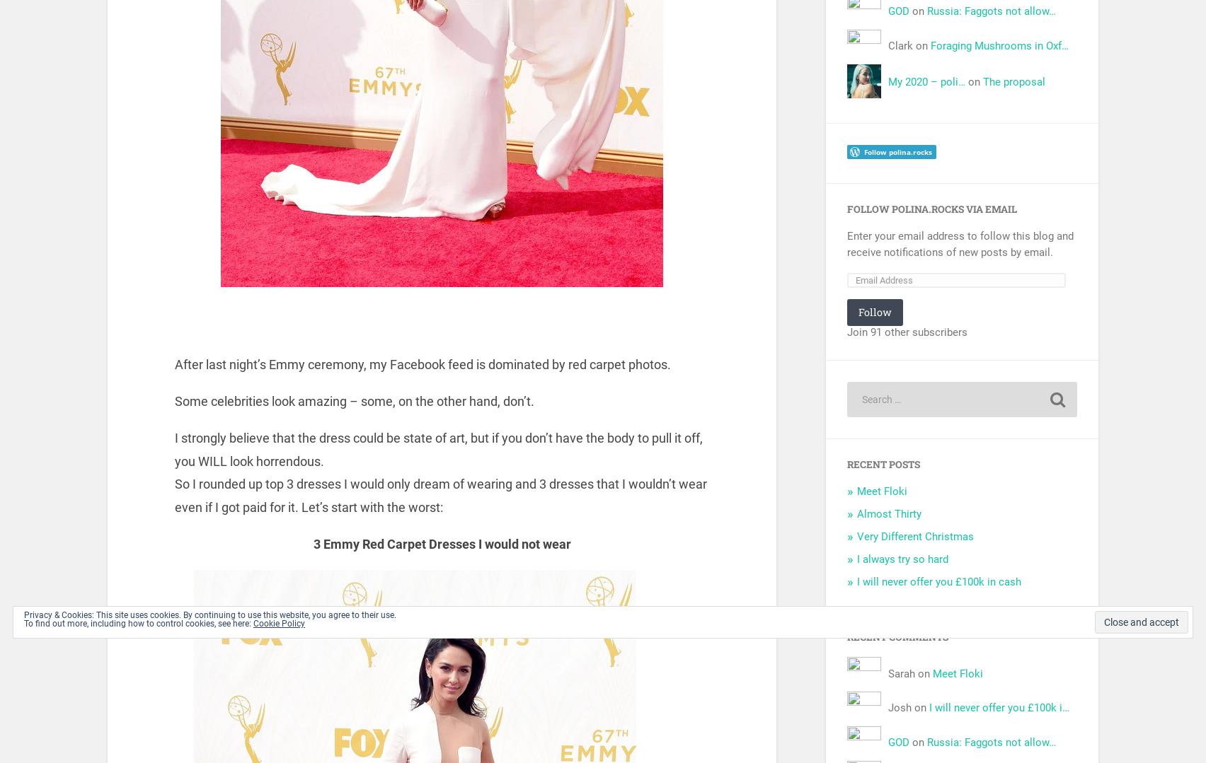 Image resolution: width=1206 pixels, height=763 pixels. I want to click on 'I strongly believe that the dress could be state of art, but if you don’t have the body to pull it off, you WILL look horrendous.', so click(438, 448).